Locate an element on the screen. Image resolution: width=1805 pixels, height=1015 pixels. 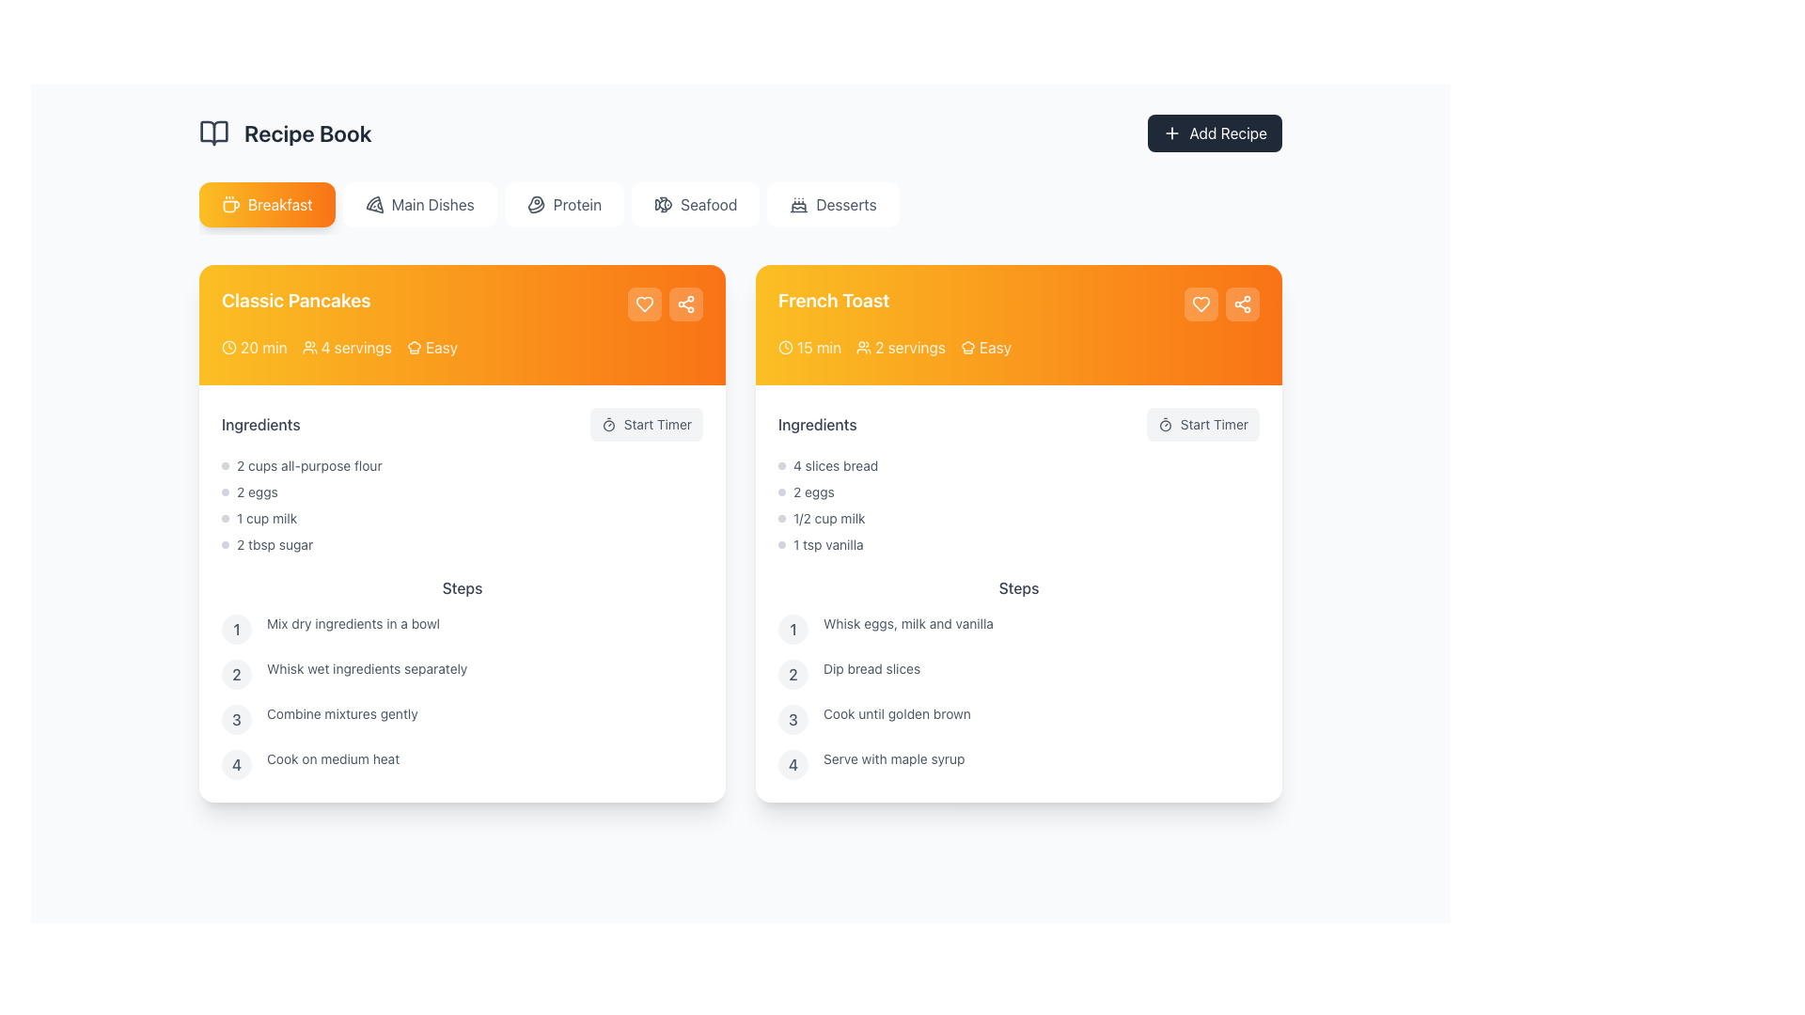
the small 'chef's hat' icon outlined in white against an orange background, located to the left of the text labeled 'Easy' under the title 'Classic Pancakes' is located at coordinates (414, 348).